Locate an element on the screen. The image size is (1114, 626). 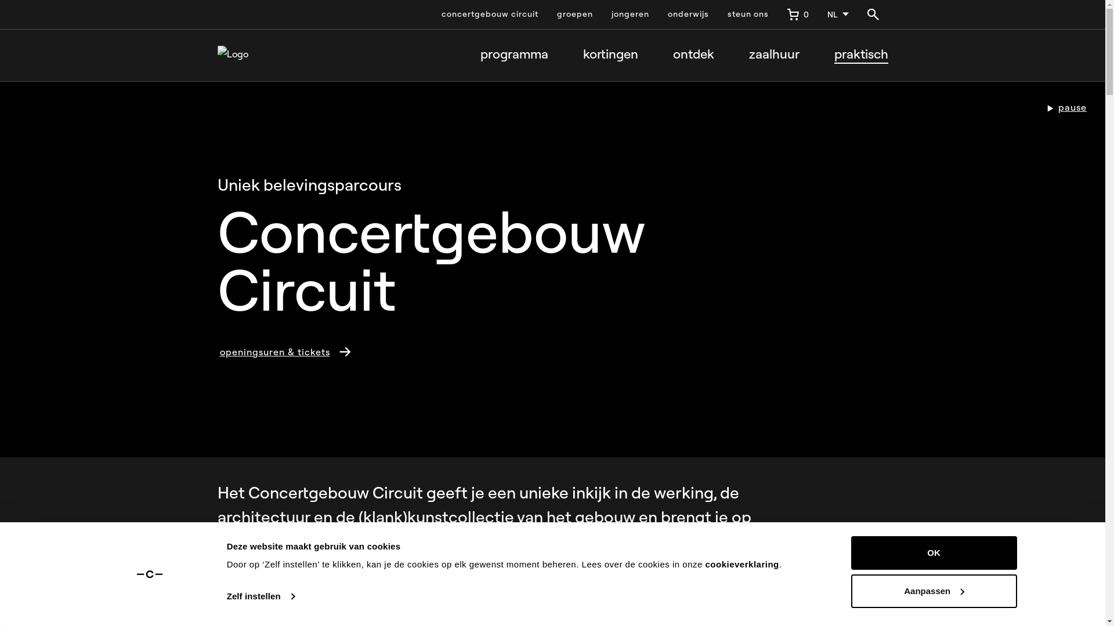
'OK' is located at coordinates (933, 552).